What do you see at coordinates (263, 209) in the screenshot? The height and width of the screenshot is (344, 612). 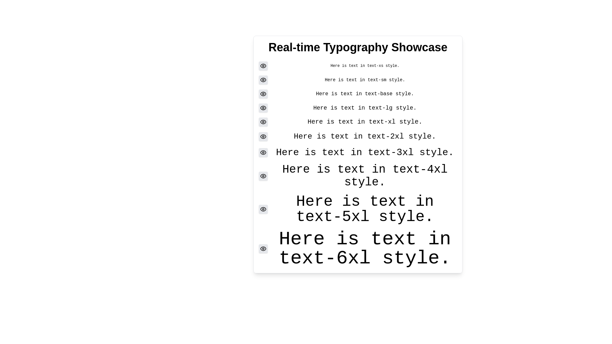 I see `the button with an eye icon located to the left of the text 'Here is text in text-5xl style.'` at bounding box center [263, 209].